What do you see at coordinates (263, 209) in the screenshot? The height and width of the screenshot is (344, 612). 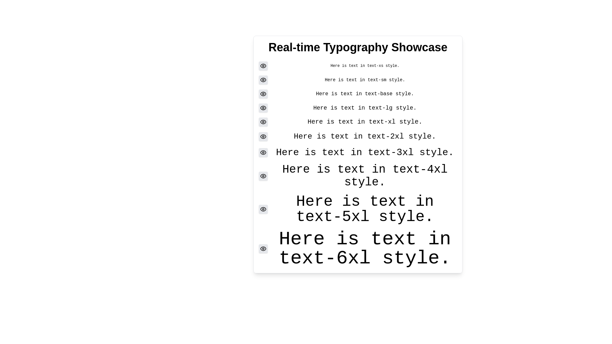 I see `the button with an eye icon located to the left of the text 'Here is text in text-5xl style.'` at bounding box center [263, 209].